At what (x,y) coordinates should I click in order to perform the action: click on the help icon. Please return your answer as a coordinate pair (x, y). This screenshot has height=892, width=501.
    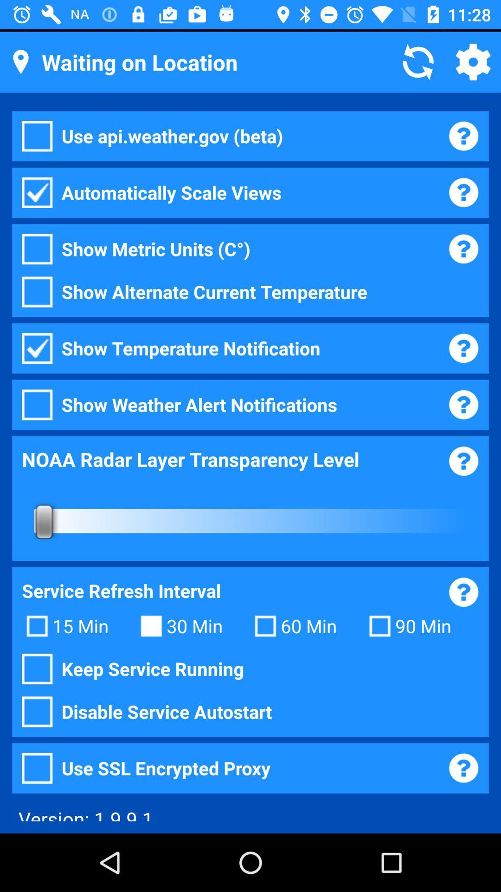
    Looking at the image, I should click on (463, 192).